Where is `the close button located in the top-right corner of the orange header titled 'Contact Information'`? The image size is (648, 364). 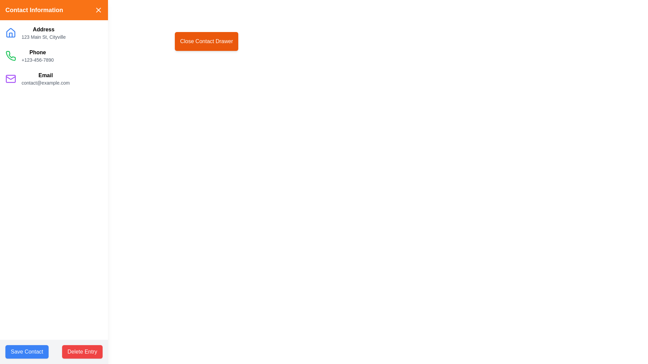
the close button located in the top-right corner of the orange header titled 'Contact Information' is located at coordinates (98, 10).